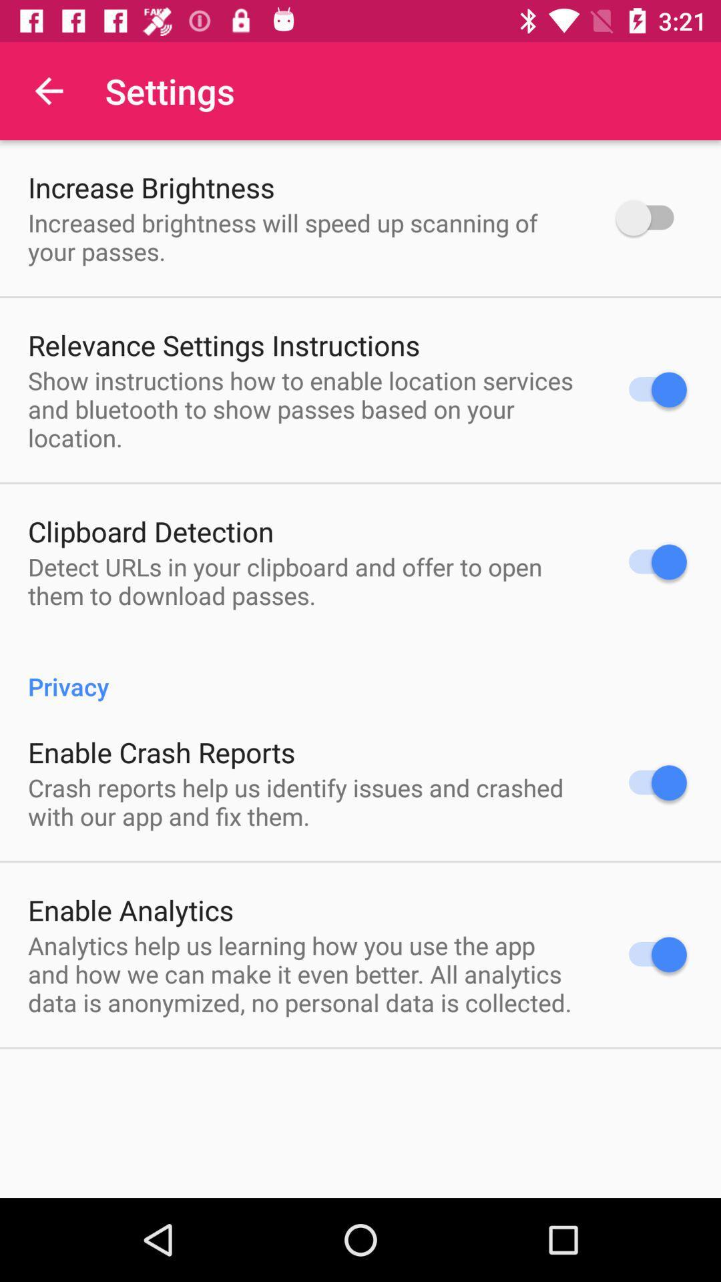 This screenshot has width=721, height=1282. What do you see at coordinates (48, 90) in the screenshot?
I see `the app to the left of the settings icon` at bounding box center [48, 90].